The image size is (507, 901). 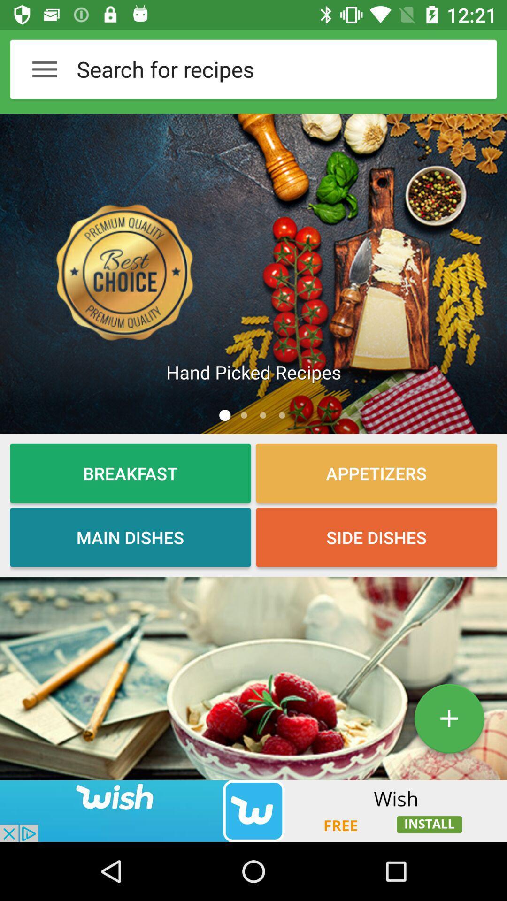 I want to click on the button which is next to the breakfast, so click(x=376, y=473).